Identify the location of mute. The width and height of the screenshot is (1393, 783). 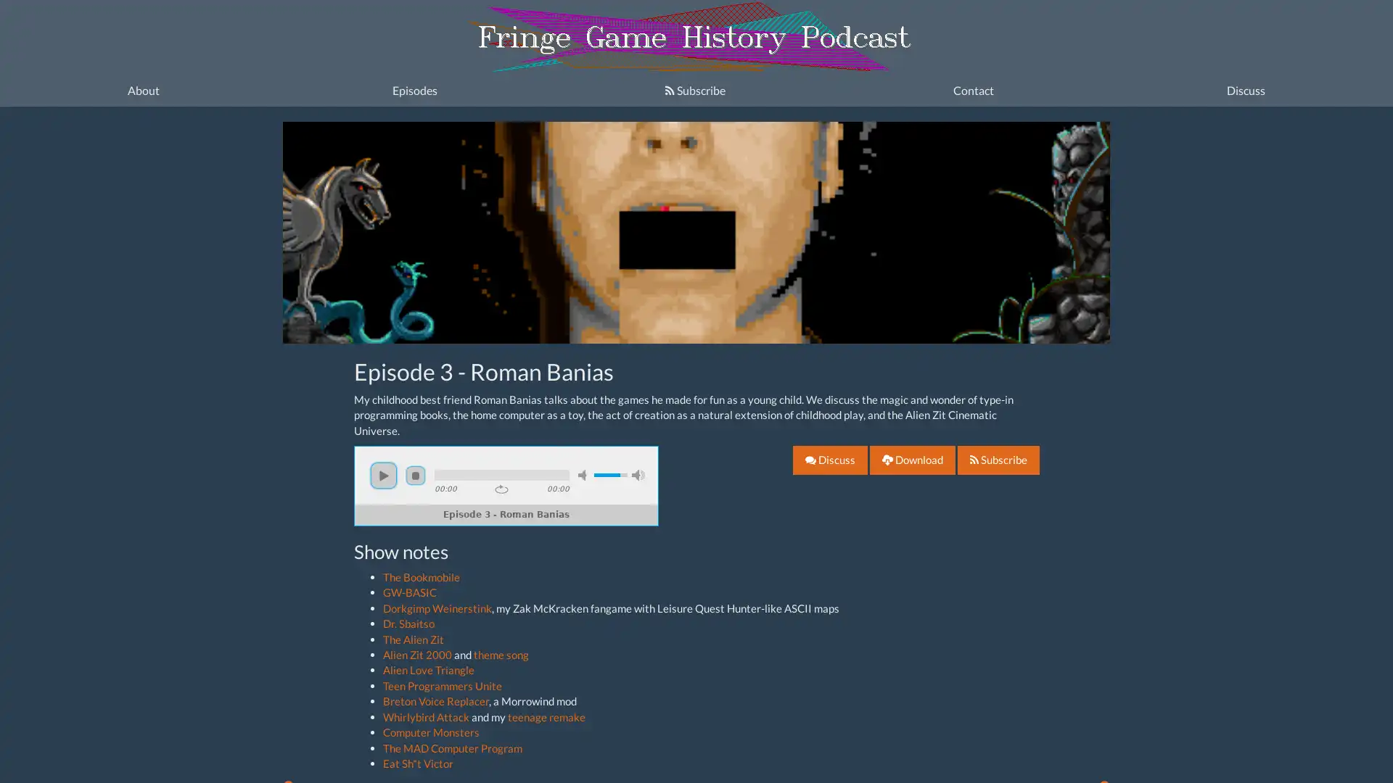
(584, 475).